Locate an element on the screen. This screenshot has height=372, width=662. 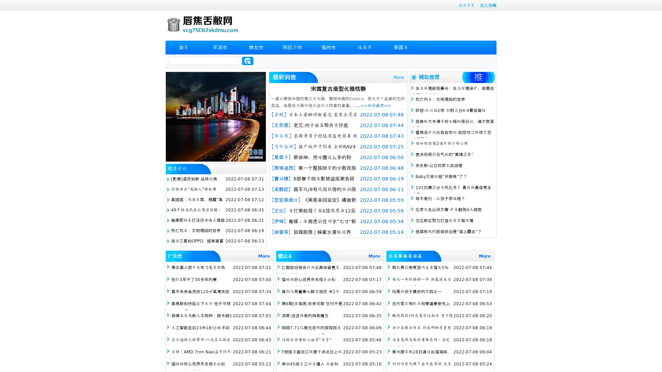
Search is located at coordinates (248, 61).